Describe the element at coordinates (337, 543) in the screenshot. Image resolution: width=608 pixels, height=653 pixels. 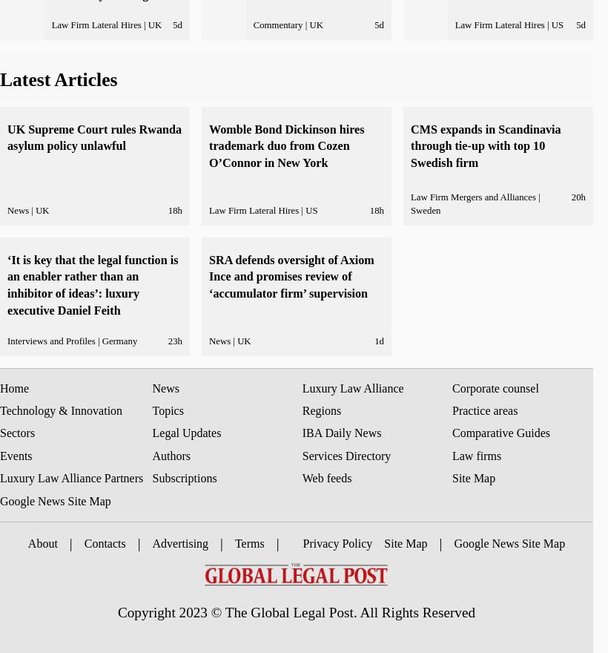
I see `'Privacy Policy'` at that location.